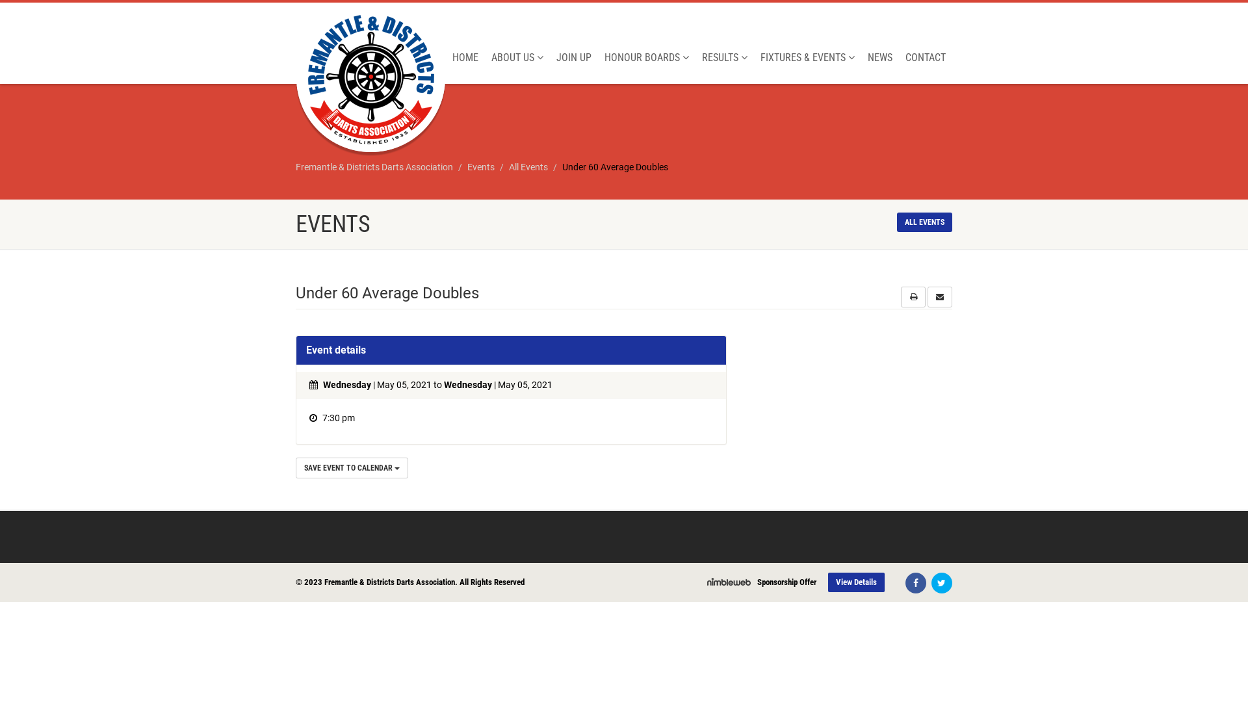 The image size is (1248, 702). Describe the element at coordinates (723, 57) in the screenshot. I see `'RESULTS'` at that location.